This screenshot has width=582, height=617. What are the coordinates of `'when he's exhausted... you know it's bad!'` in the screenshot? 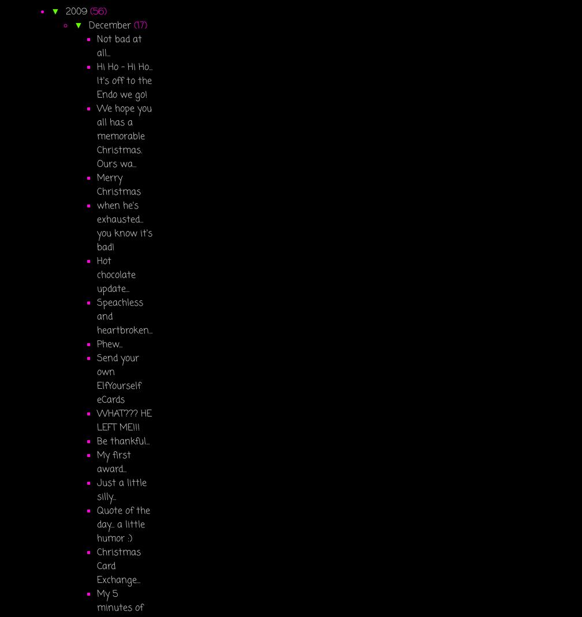 It's located at (125, 225).